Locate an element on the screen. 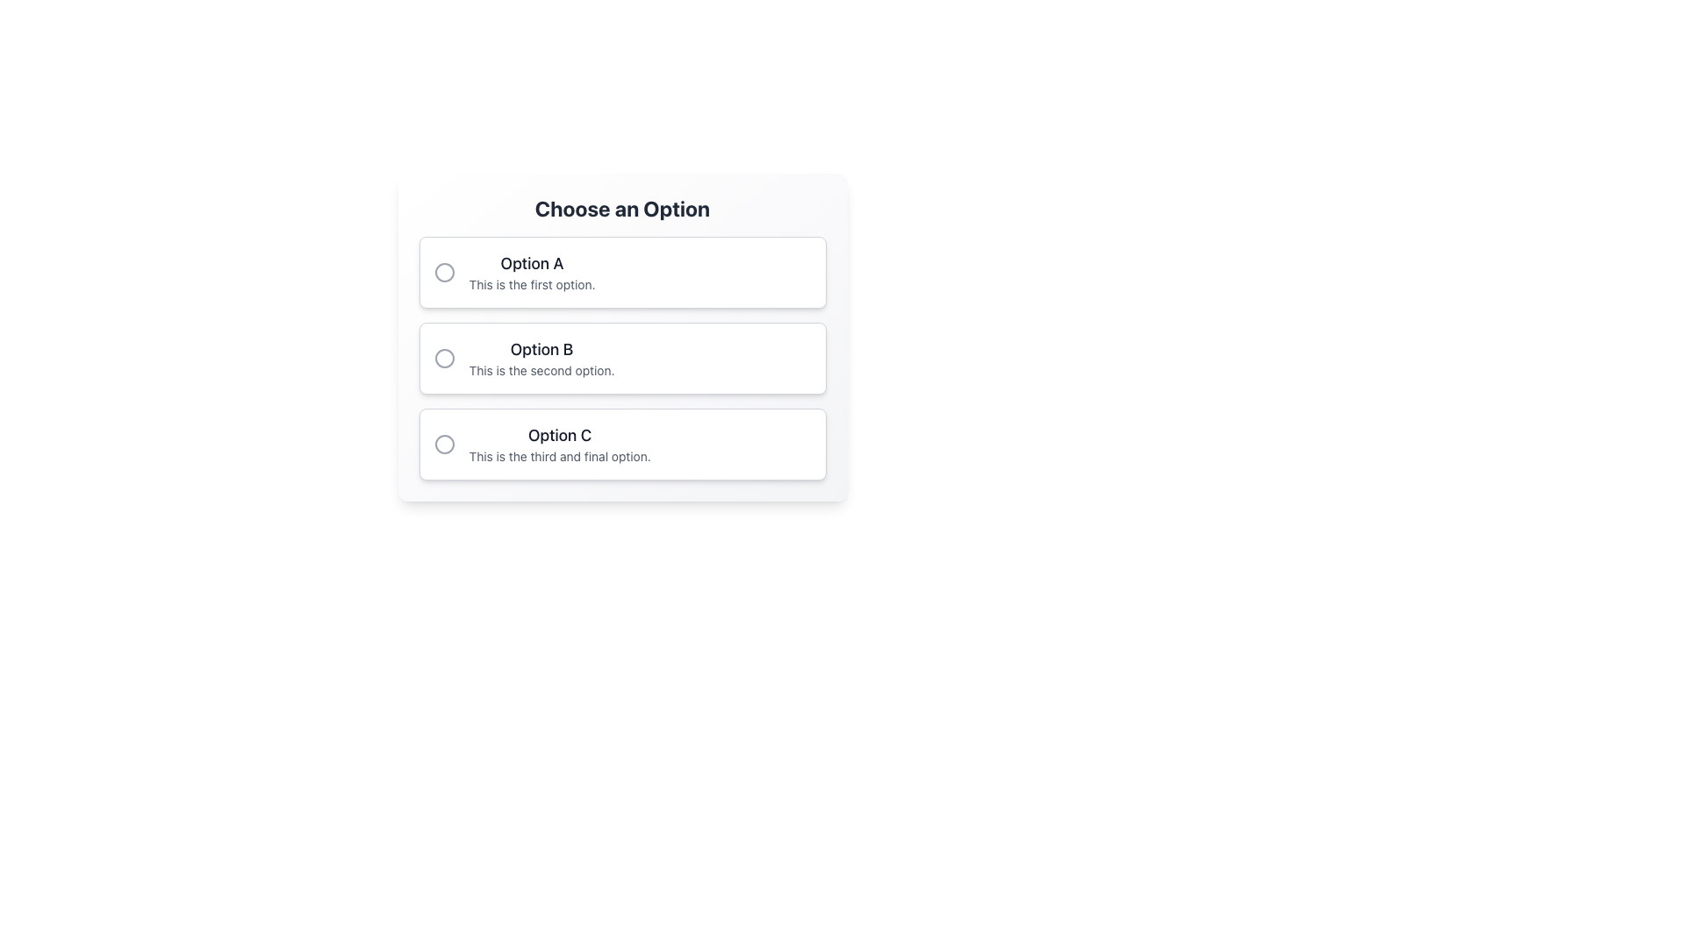  the static text label displaying 'Option A', which is part of the first option item in a vertical list of options is located at coordinates (531, 263).